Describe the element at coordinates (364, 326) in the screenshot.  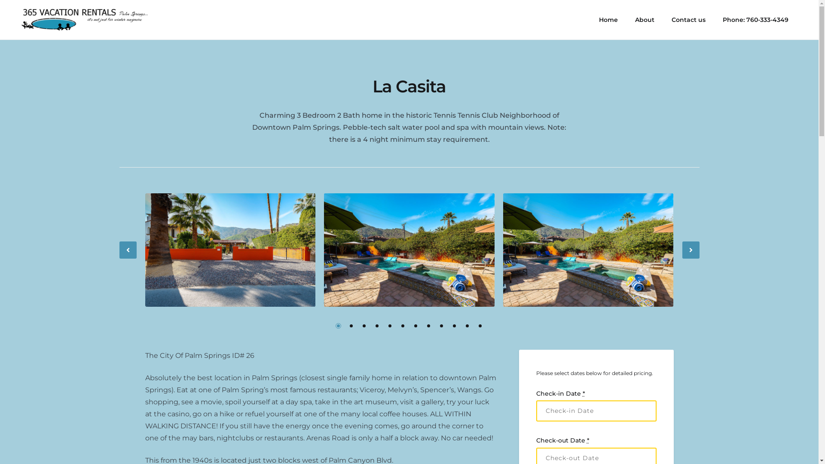
I see `'3'` at that location.